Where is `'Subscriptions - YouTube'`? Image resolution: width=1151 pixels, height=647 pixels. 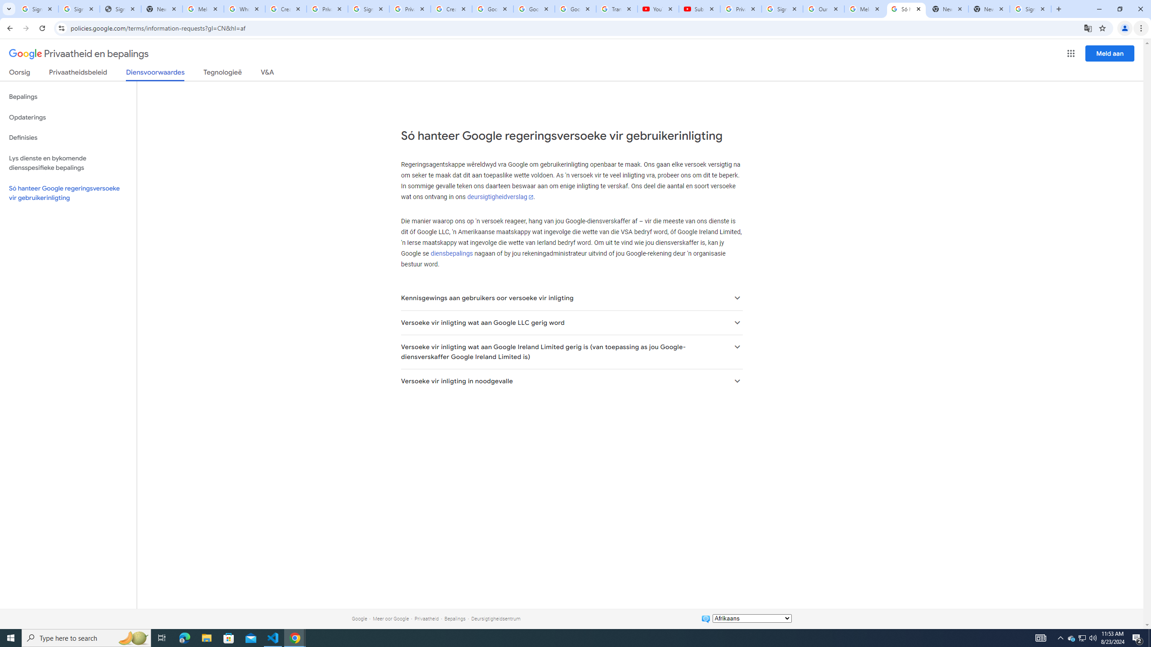 'Subscriptions - YouTube' is located at coordinates (699, 9).